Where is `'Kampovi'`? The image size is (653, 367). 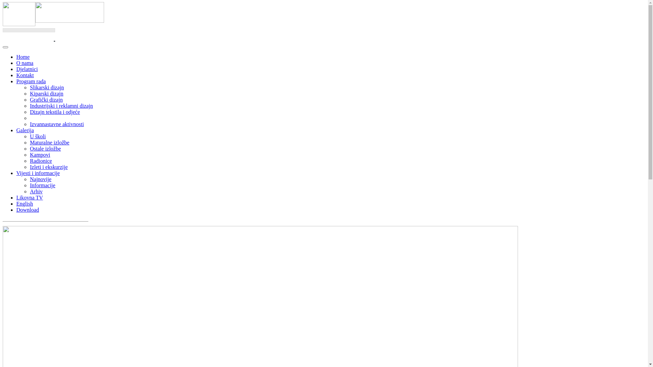
'Kampovi' is located at coordinates (40, 155).